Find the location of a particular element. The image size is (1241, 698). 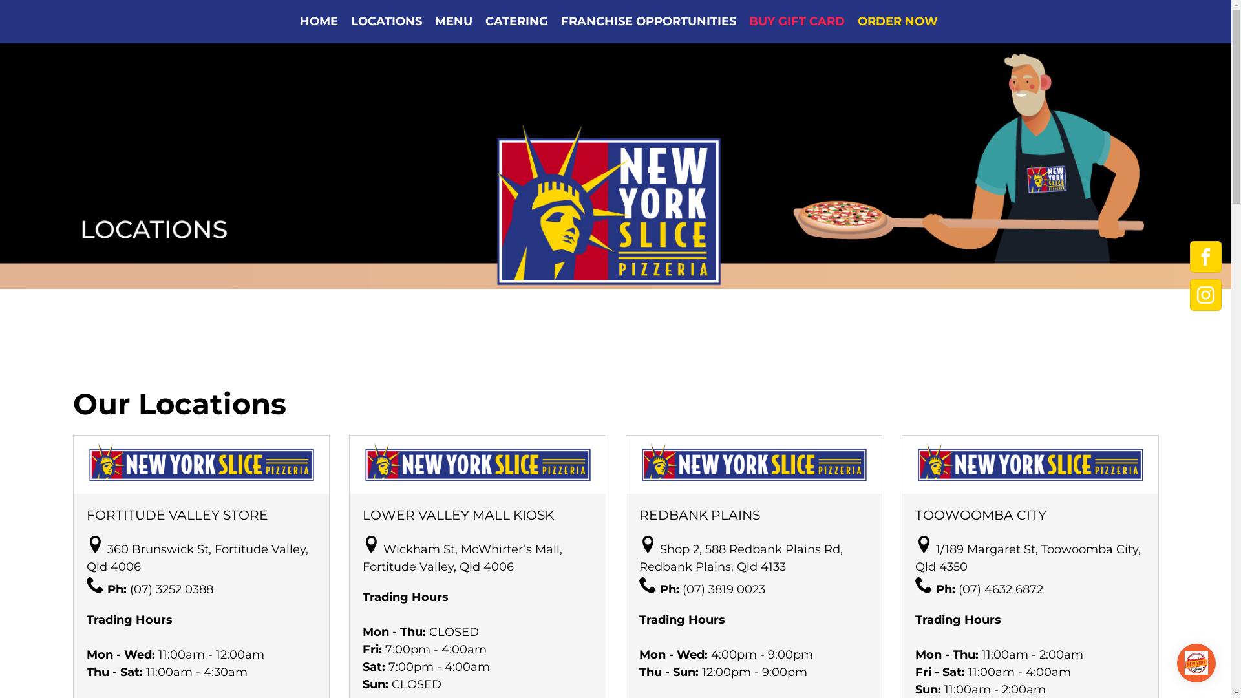

'(07) 3819 0023' is located at coordinates (682, 589).